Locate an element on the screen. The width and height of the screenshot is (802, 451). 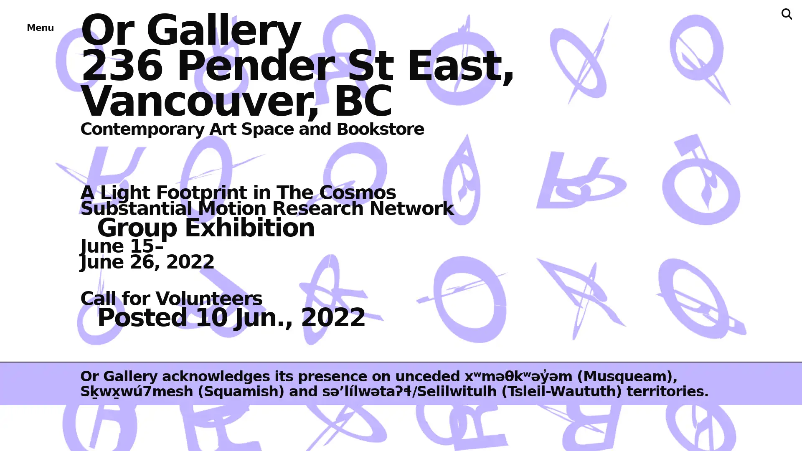
Exhibitions & Projects is located at coordinates (181, 82).